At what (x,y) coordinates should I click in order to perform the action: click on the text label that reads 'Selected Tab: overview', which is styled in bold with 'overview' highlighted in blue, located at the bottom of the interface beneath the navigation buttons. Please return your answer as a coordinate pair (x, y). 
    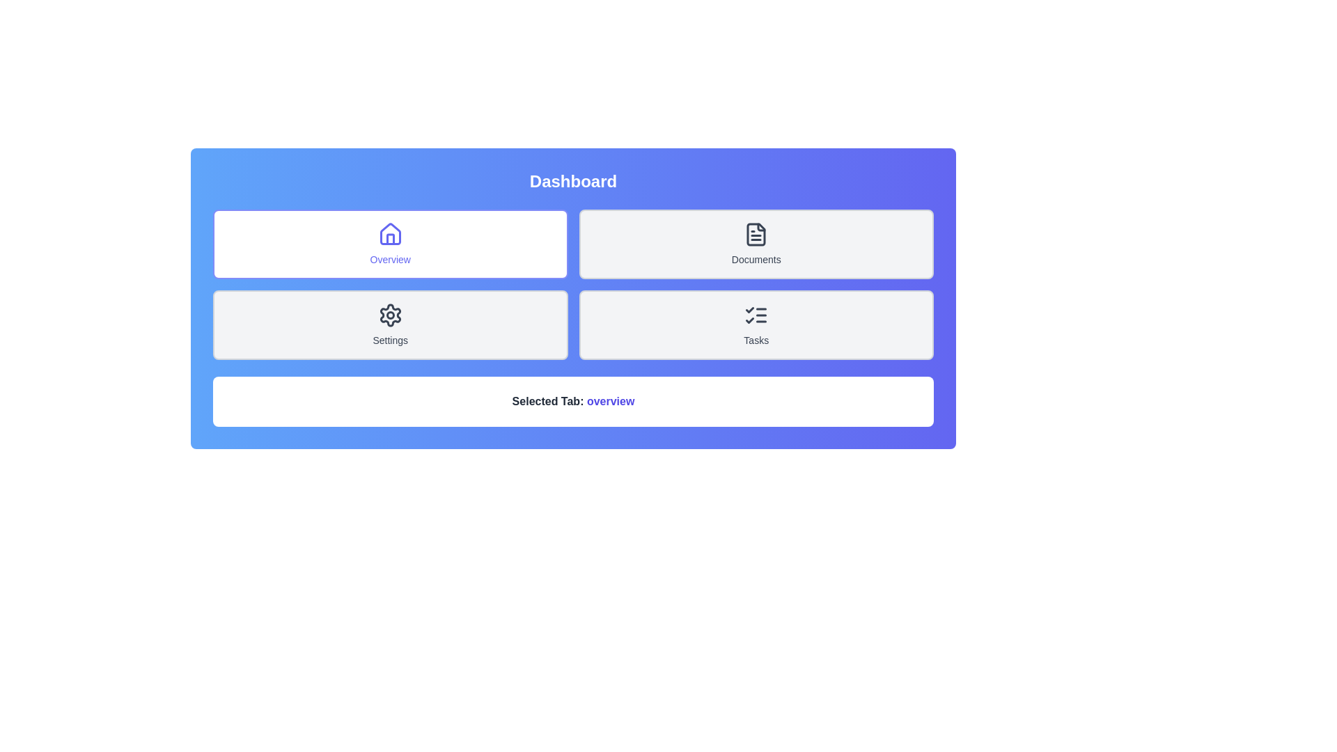
    Looking at the image, I should click on (573, 402).